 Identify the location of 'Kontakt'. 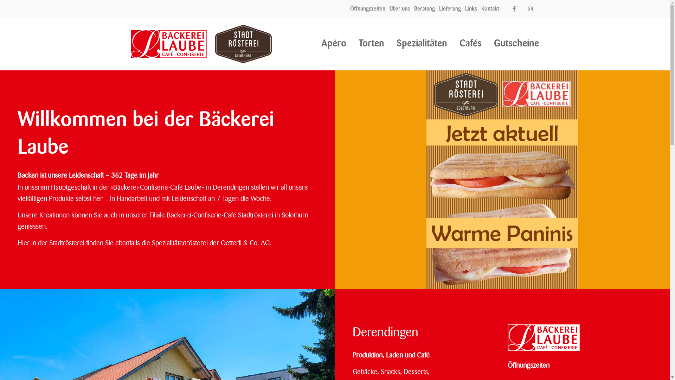
(490, 8).